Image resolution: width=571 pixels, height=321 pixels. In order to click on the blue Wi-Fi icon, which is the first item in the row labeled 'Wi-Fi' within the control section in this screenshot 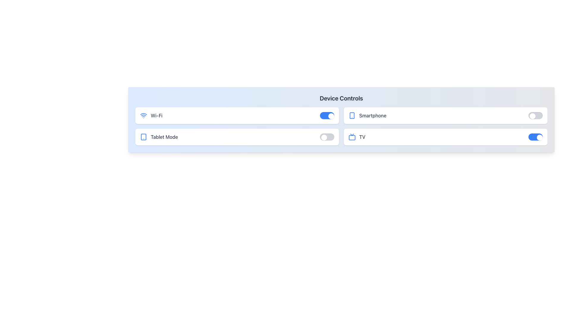, I will do `click(144, 116)`.